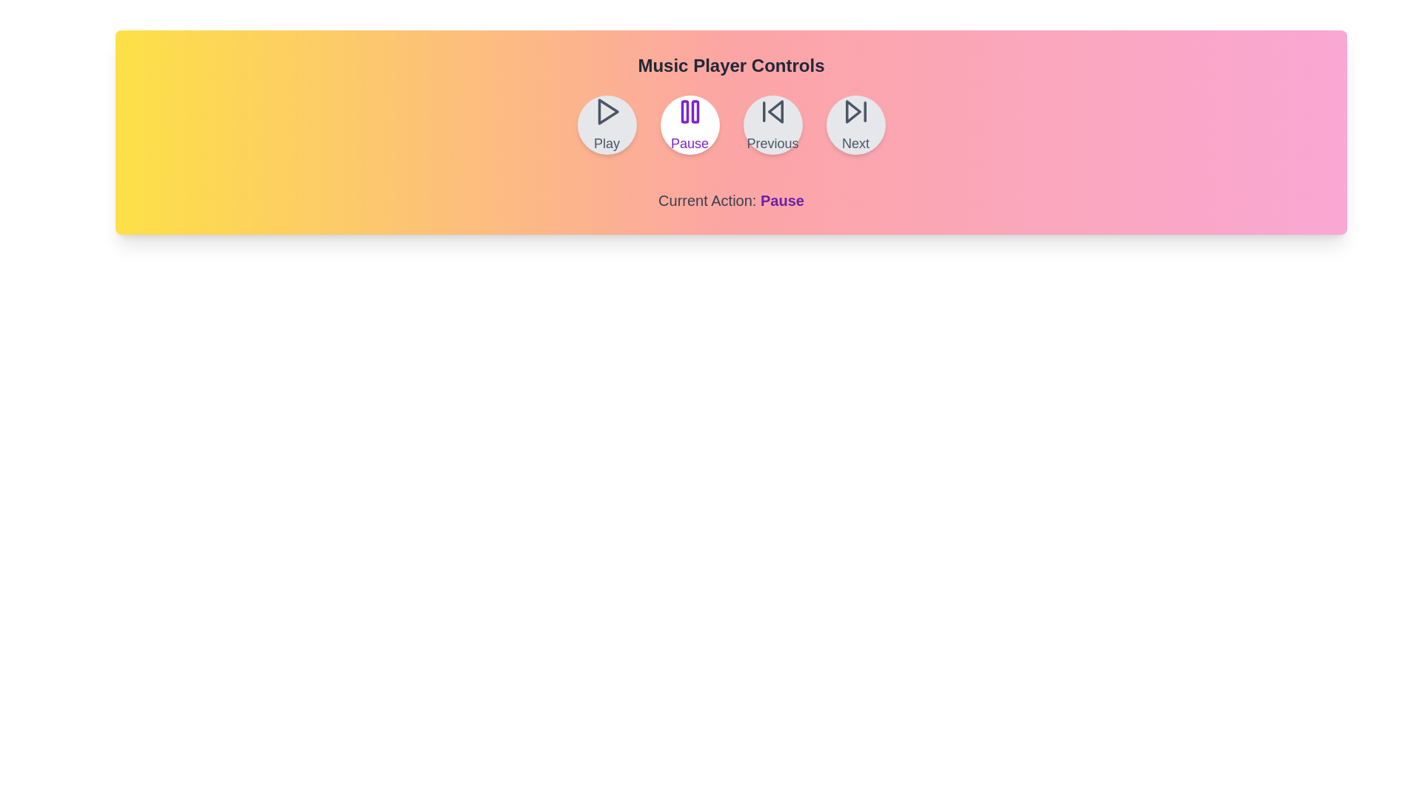 The width and height of the screenshot is (1422, 800). What do you see at coordinates (772, 124) in the screenshot?
I see `the Previous button to observe its hover effect` at bounding box center [772, 124].